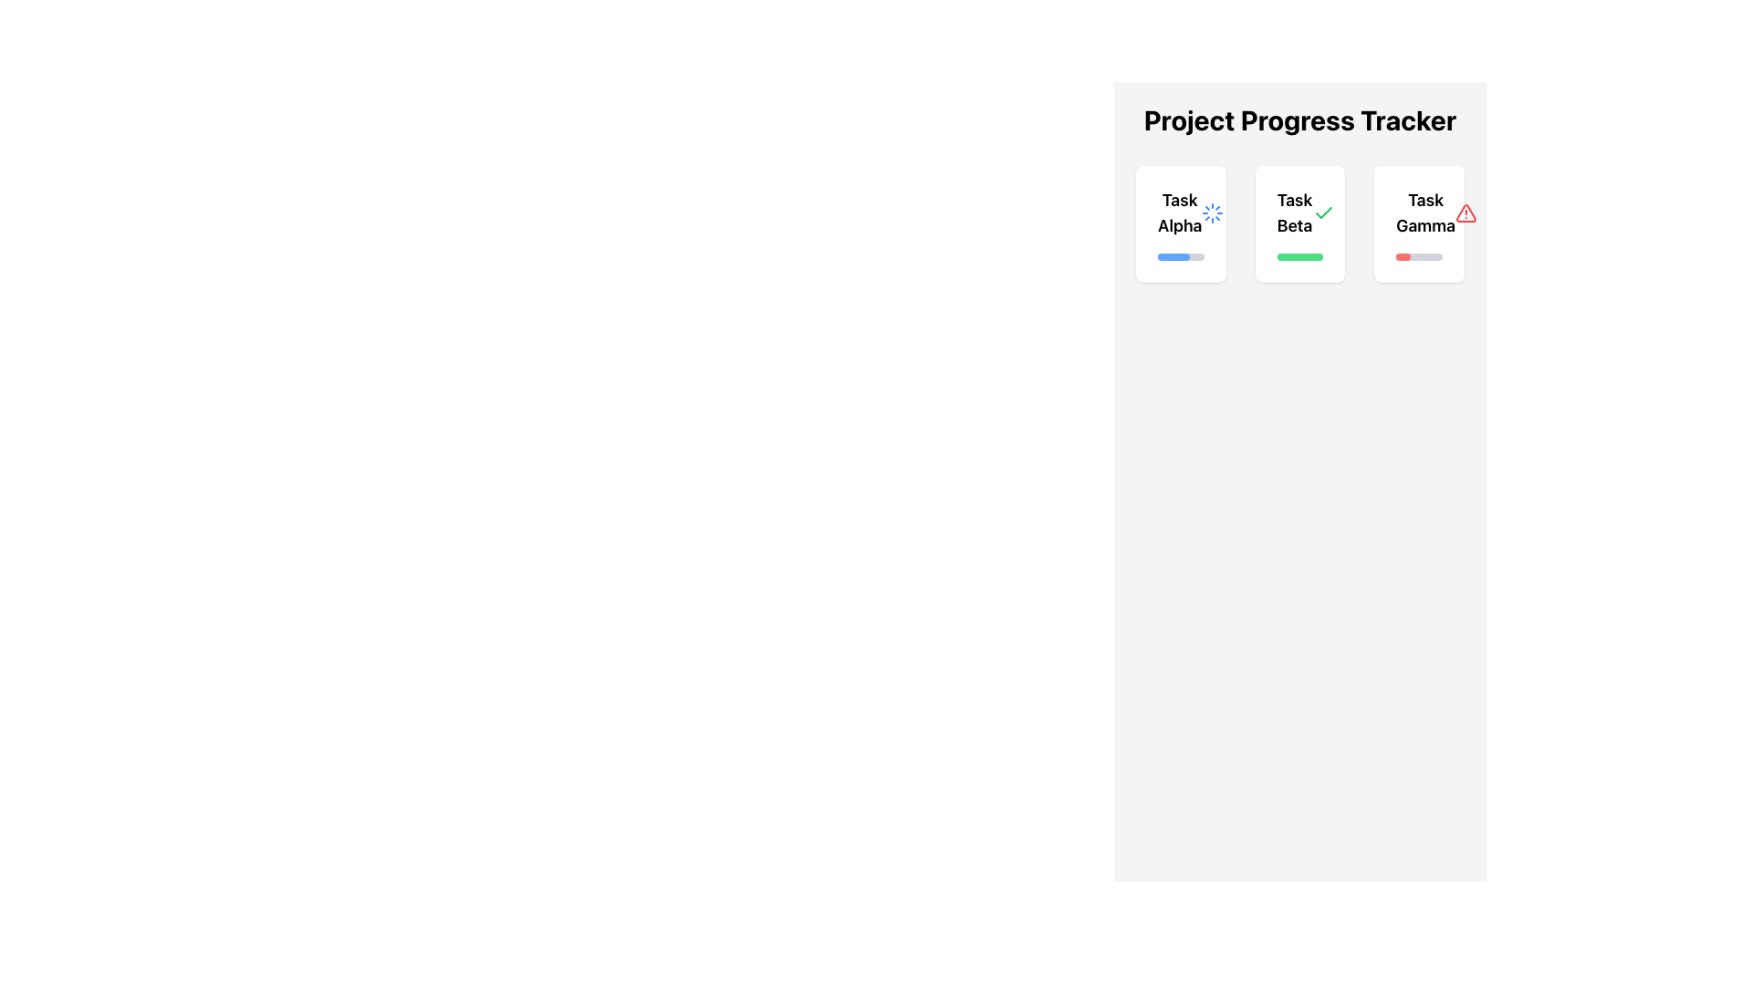 The width and height of the screenshot is (1752, 985). Describe the element at coordinates (1181, 223) in the screenshot. I see `information displayed on the first Informational Card for 'Task Alpha' in the Project Progress Tracker section, which shows the task's title, loading indicator, and progress bar` at that location.